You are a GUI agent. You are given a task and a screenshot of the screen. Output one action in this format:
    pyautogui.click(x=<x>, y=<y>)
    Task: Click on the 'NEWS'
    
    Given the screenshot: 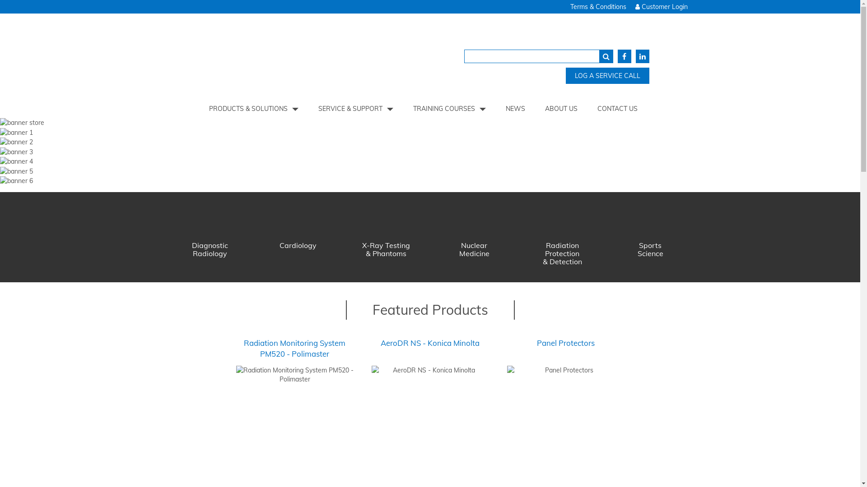 What is the action you would take?
    pyautogui.click(x=515, y=108)
    